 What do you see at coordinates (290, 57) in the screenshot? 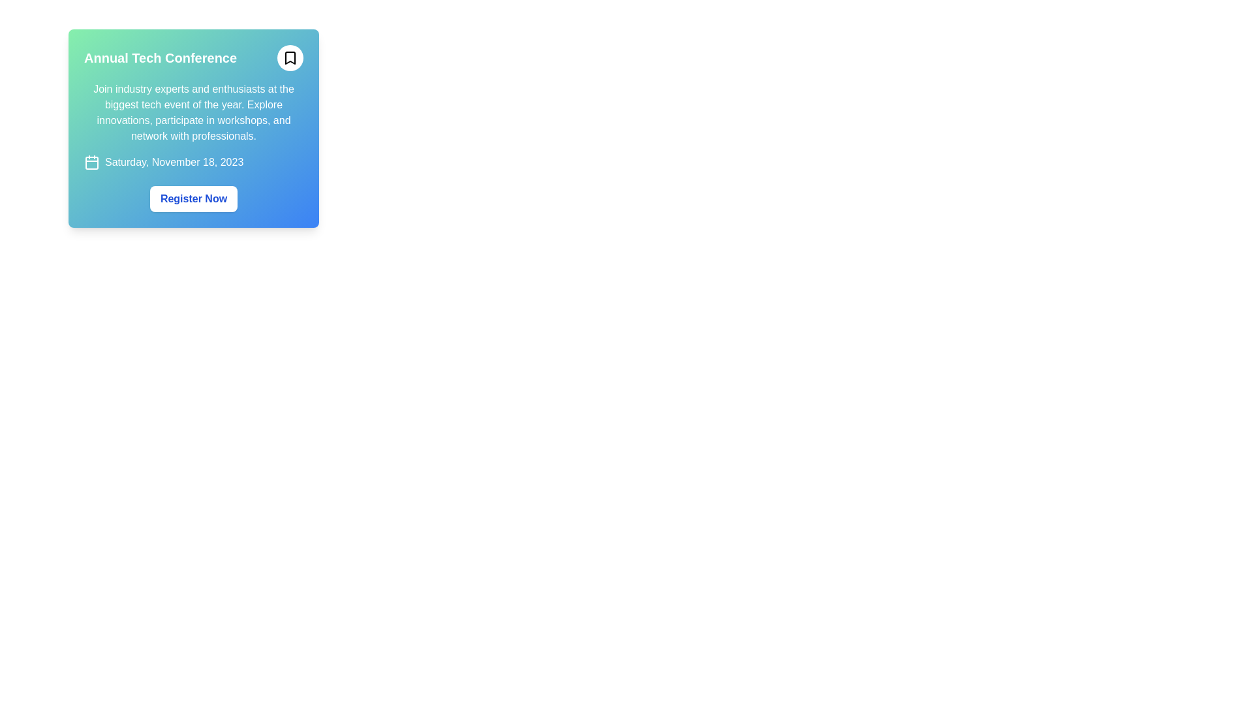
I see `the circular button with a white background and black bookmark icon located at the top-right corner of the 'Annual Tech Conference' section` at bounding box center [290, 57].